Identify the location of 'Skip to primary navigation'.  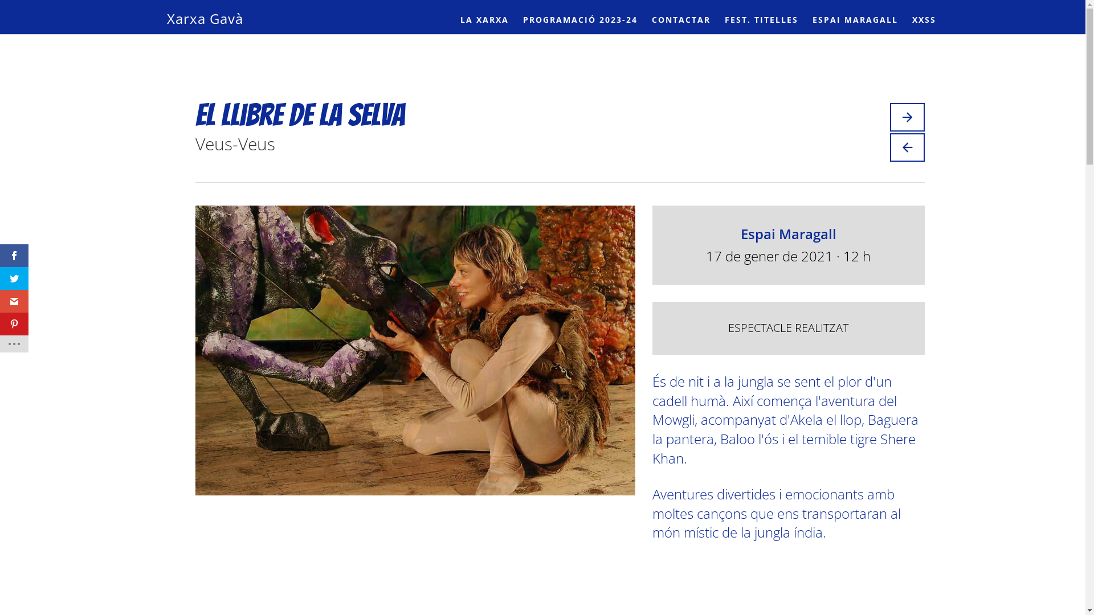
(0, 0).